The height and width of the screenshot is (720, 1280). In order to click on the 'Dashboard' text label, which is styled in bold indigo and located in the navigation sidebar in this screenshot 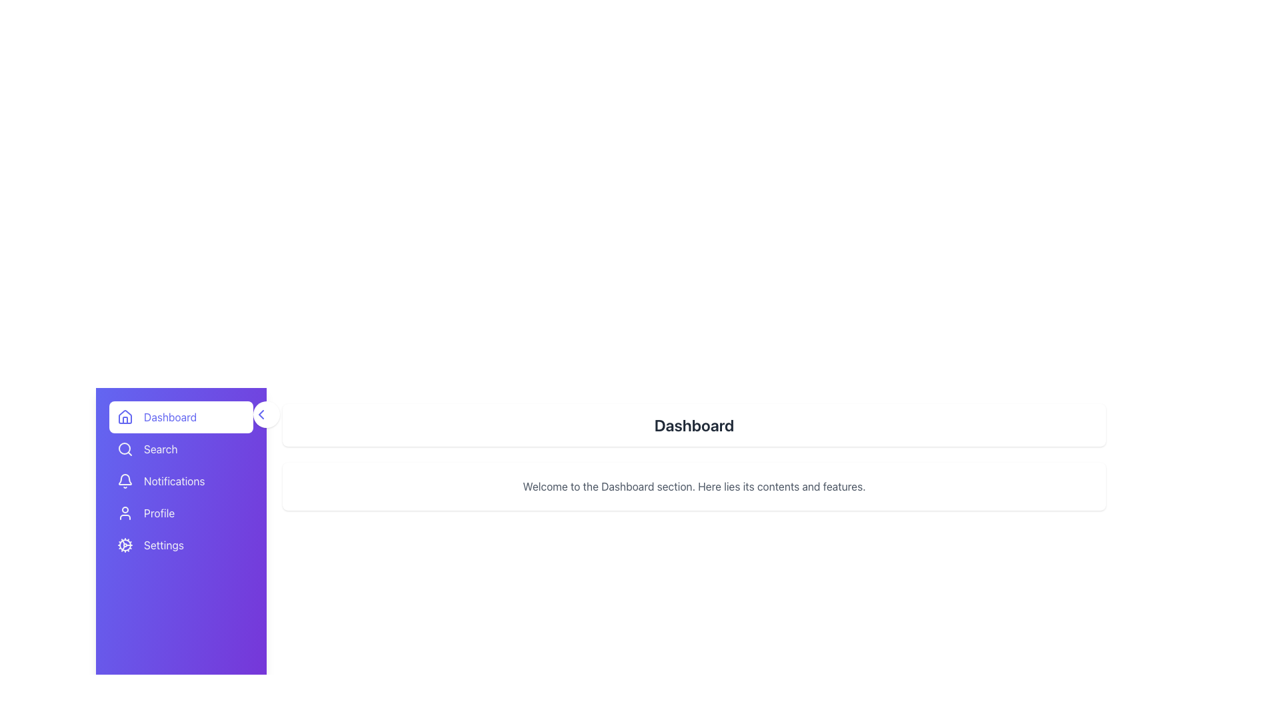, I will do `click(169, 416)`.